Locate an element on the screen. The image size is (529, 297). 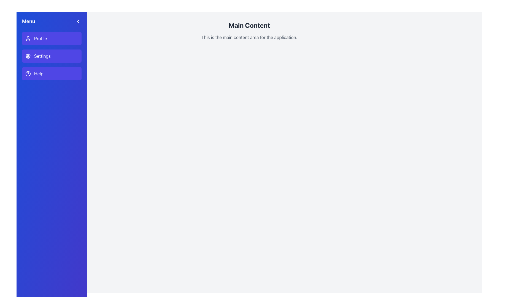
the 'Menu' text label, which is bold and large, located at the top of the sidebar with a white font on a blue background is located at coordinates (28, 21).